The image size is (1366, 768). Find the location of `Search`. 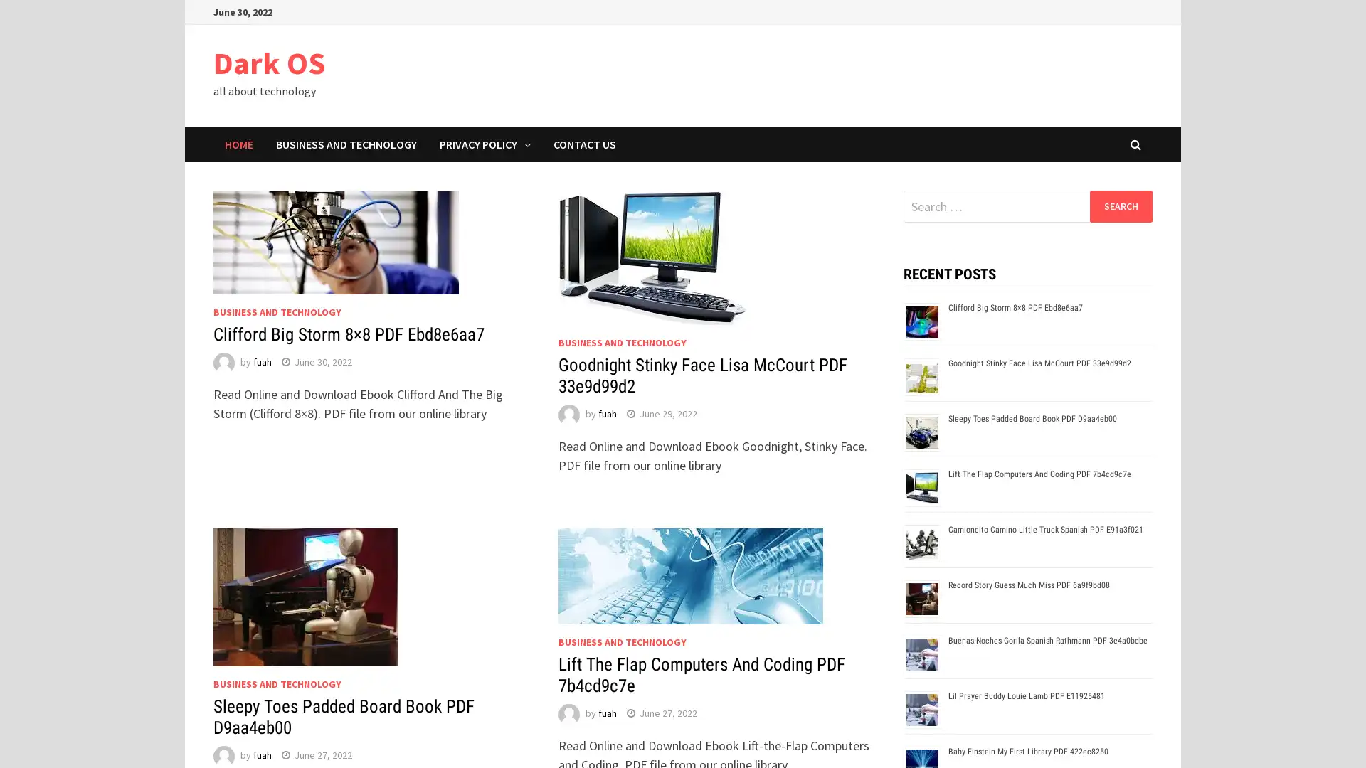

Search is located at coordinates (1120, 206).